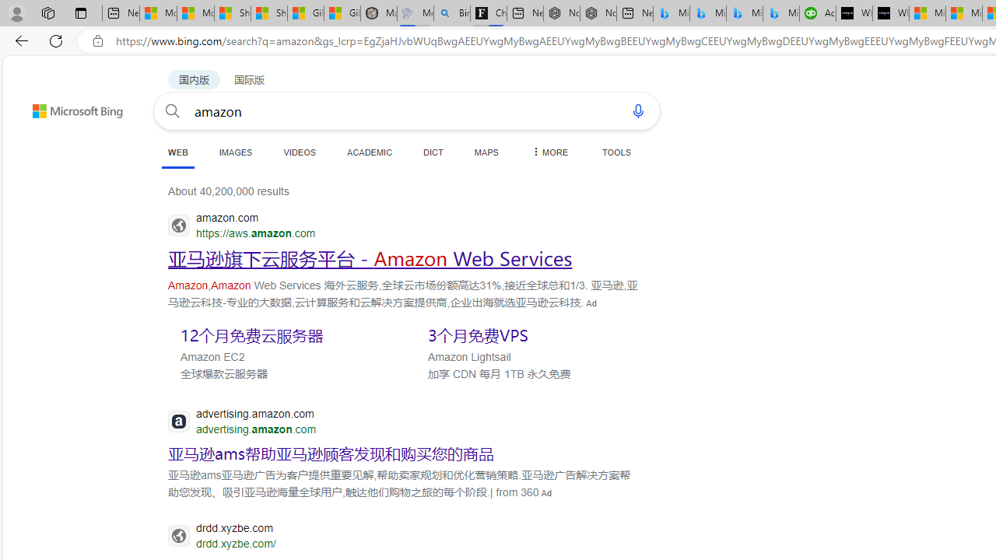 Image resolution: width=996 pixels, height=560 pixels. Describe the element at coordinates (891, 13) in the screenshot. I see `'What'` at that location.